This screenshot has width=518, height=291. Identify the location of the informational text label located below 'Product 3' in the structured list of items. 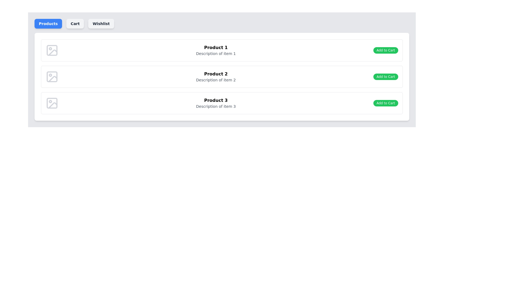
(216, 106).